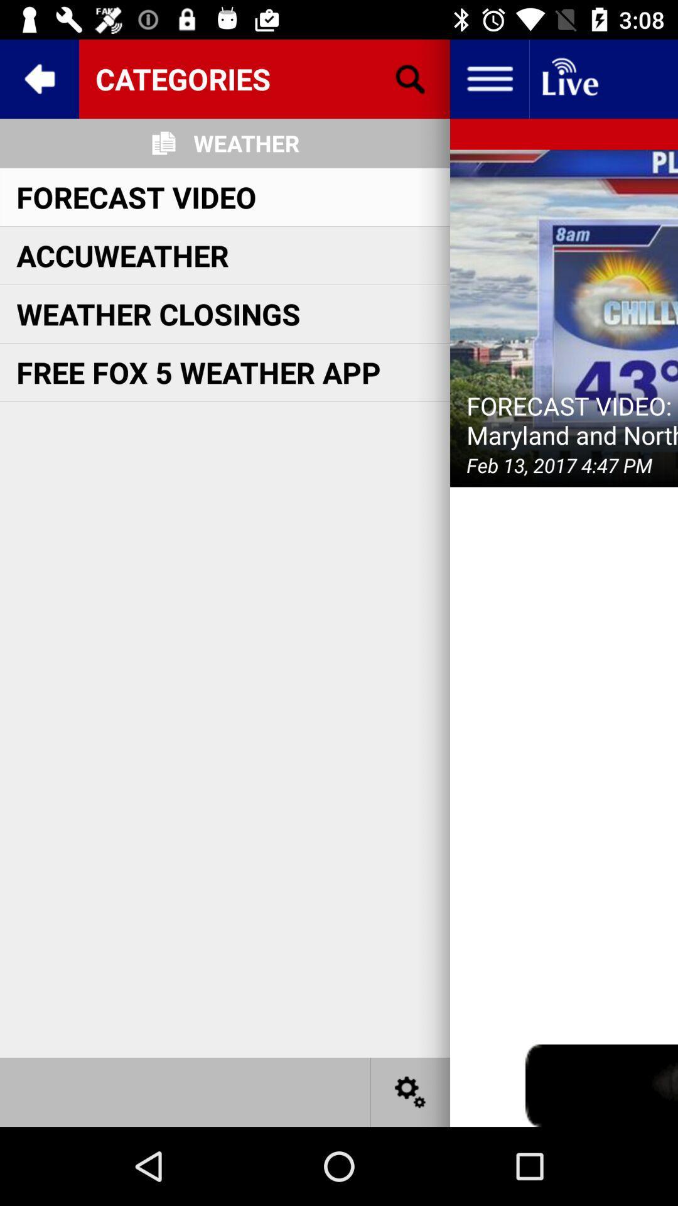  What do you see at coordinates (38, 78) in the screenshot?
I see `go back` at bounding box center [38, 78].